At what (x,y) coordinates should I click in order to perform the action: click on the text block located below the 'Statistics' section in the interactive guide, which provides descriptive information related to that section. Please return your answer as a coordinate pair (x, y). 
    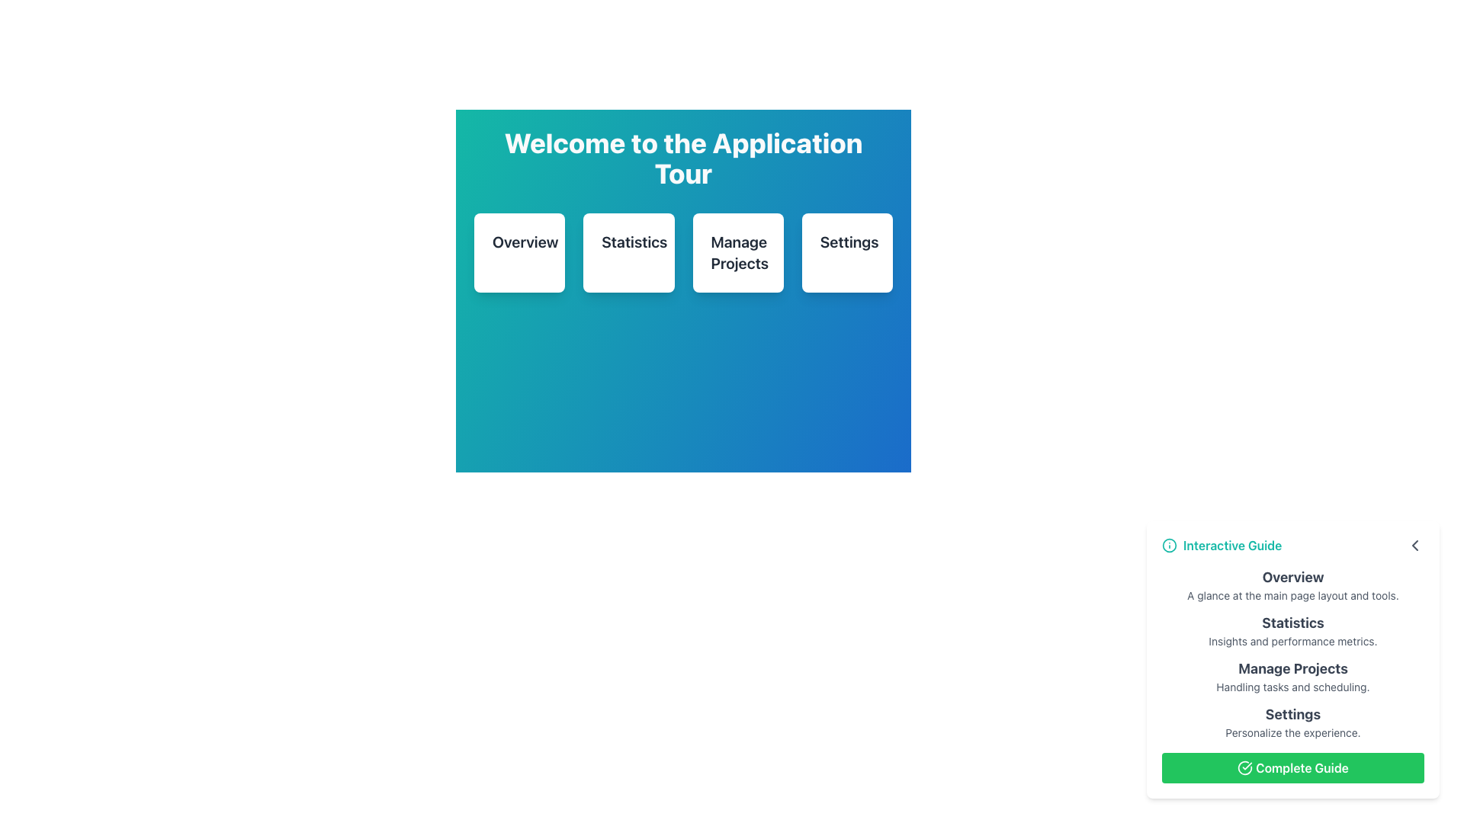
    Looking at the image, I should click on (1292, 641).